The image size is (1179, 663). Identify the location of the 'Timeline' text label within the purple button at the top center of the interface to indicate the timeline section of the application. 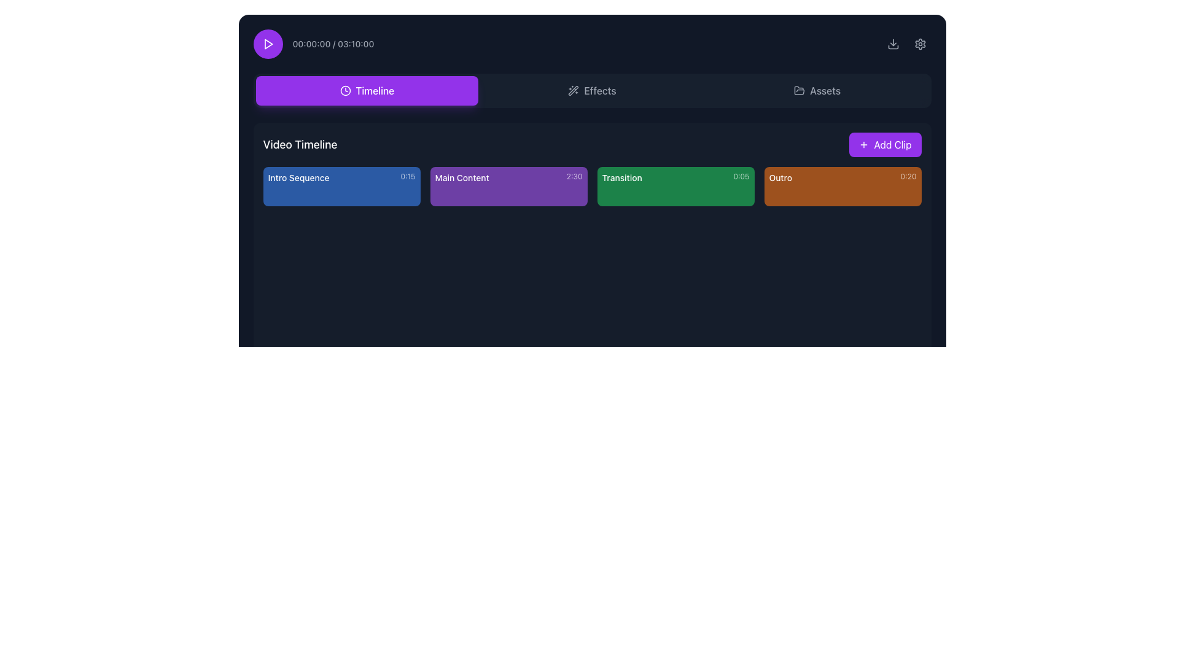
(374, 90).